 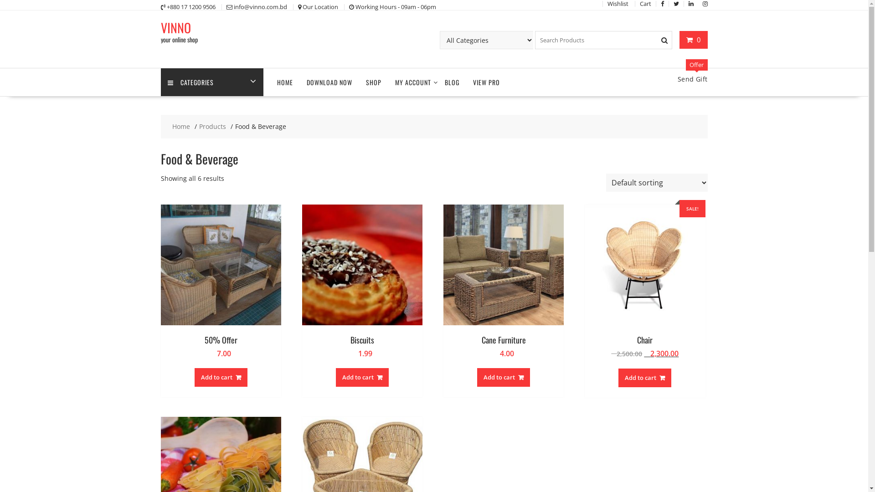 I want to click on 'Home', so click(x=181, y=126).